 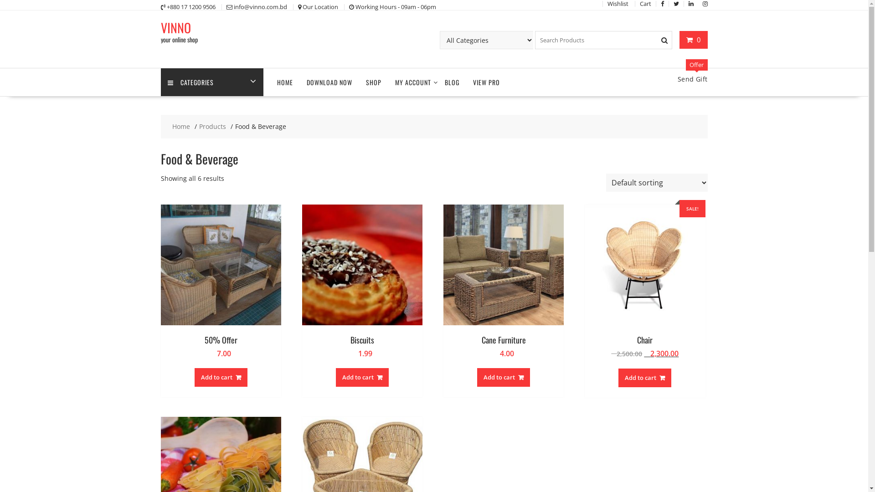 I want to click on 'Home', so click(x=181, y=126).